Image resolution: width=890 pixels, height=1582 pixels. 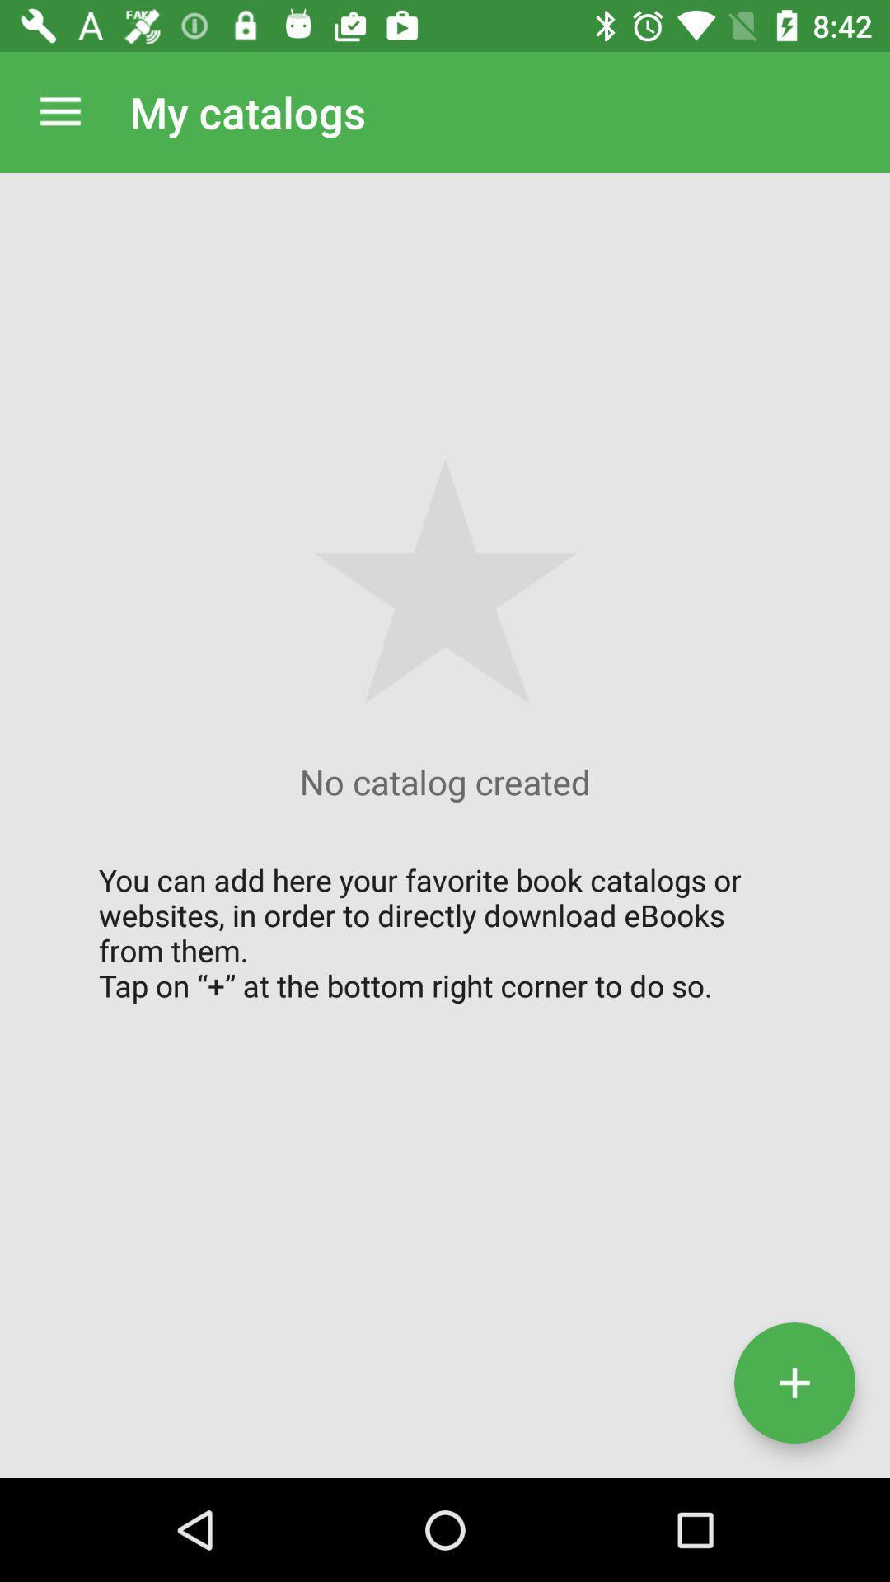 What do you see at coordinates (794, 1383) in the screenshot?
I see `the add icon` at bounding box center [794, 1383].